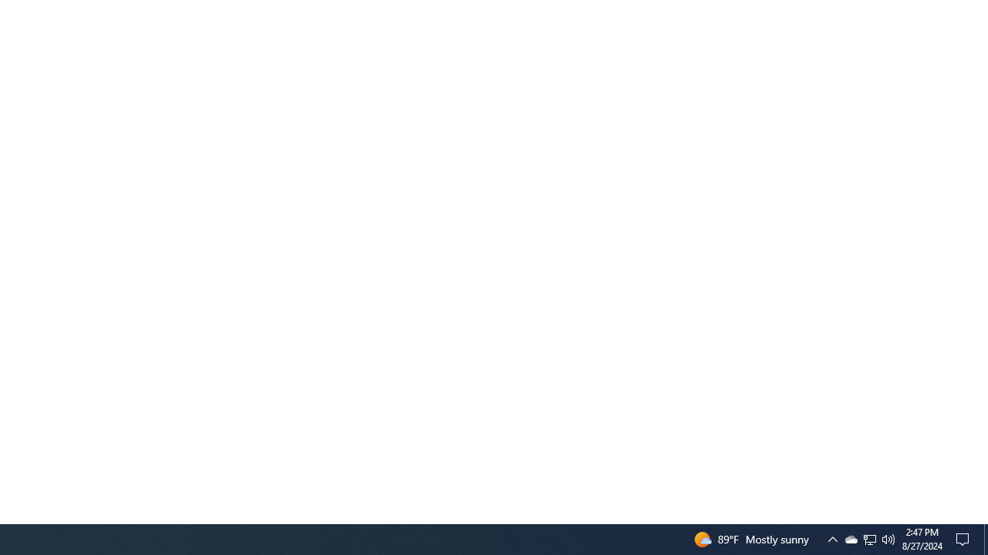  Describe the element at coordinates (985, 538) in the screenshot. I see `'Action Center, No new notifications'` at that location.